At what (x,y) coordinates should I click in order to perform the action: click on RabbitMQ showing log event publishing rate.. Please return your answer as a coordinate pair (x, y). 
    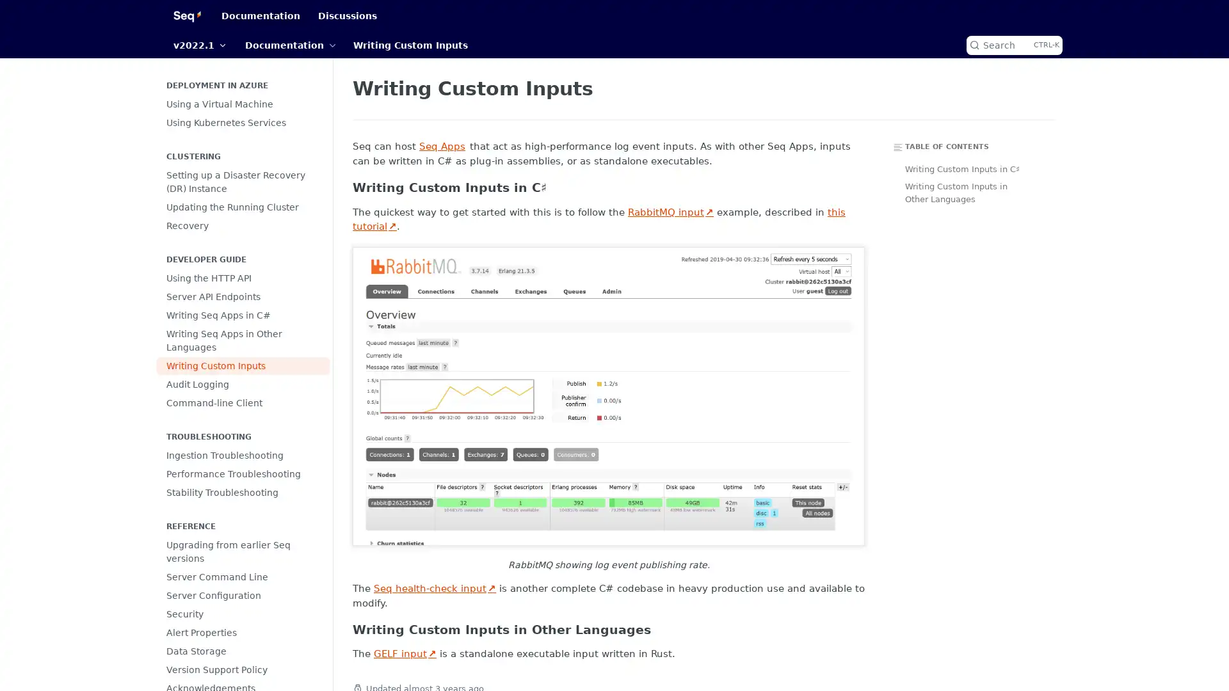
    Looking at the image, I should click on (607, 395).